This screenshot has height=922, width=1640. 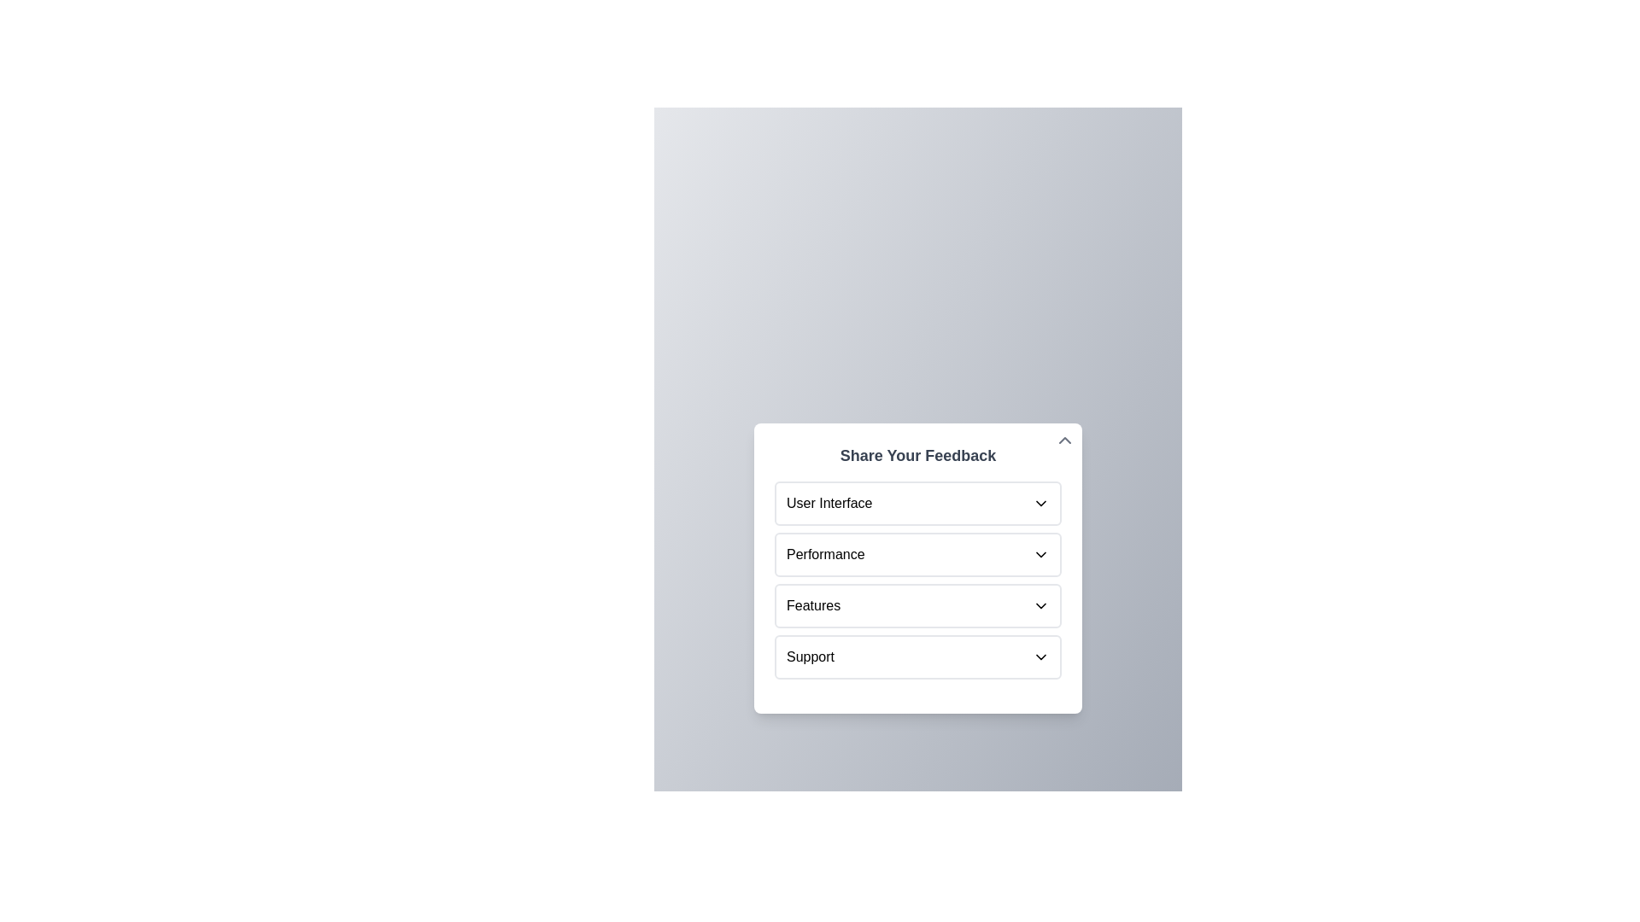 I want to click on the 'Performance' dropdown menu, which is the second item in the vertical list under 'Share Your Feedback', so click(x=917, y=569).